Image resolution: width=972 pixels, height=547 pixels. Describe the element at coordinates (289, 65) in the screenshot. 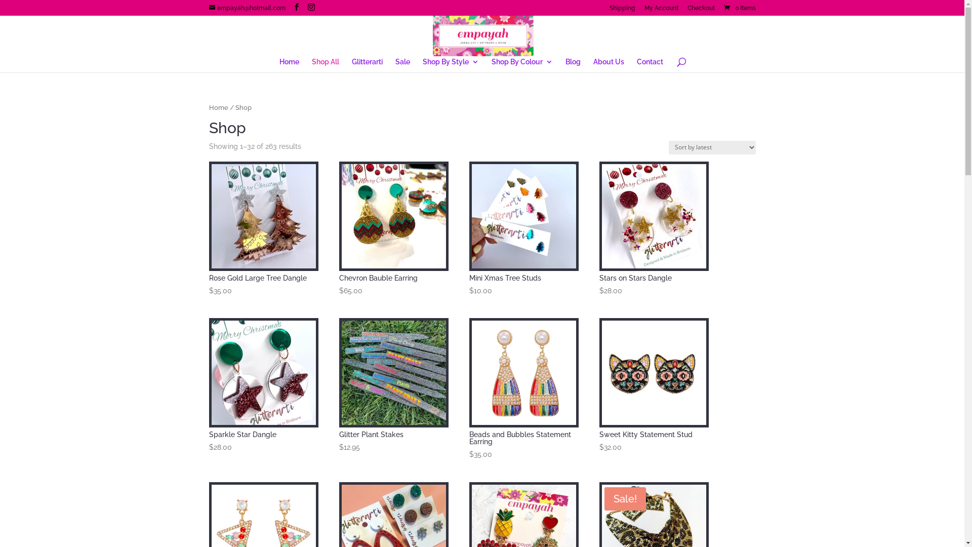

I see `'Home'` at that location.